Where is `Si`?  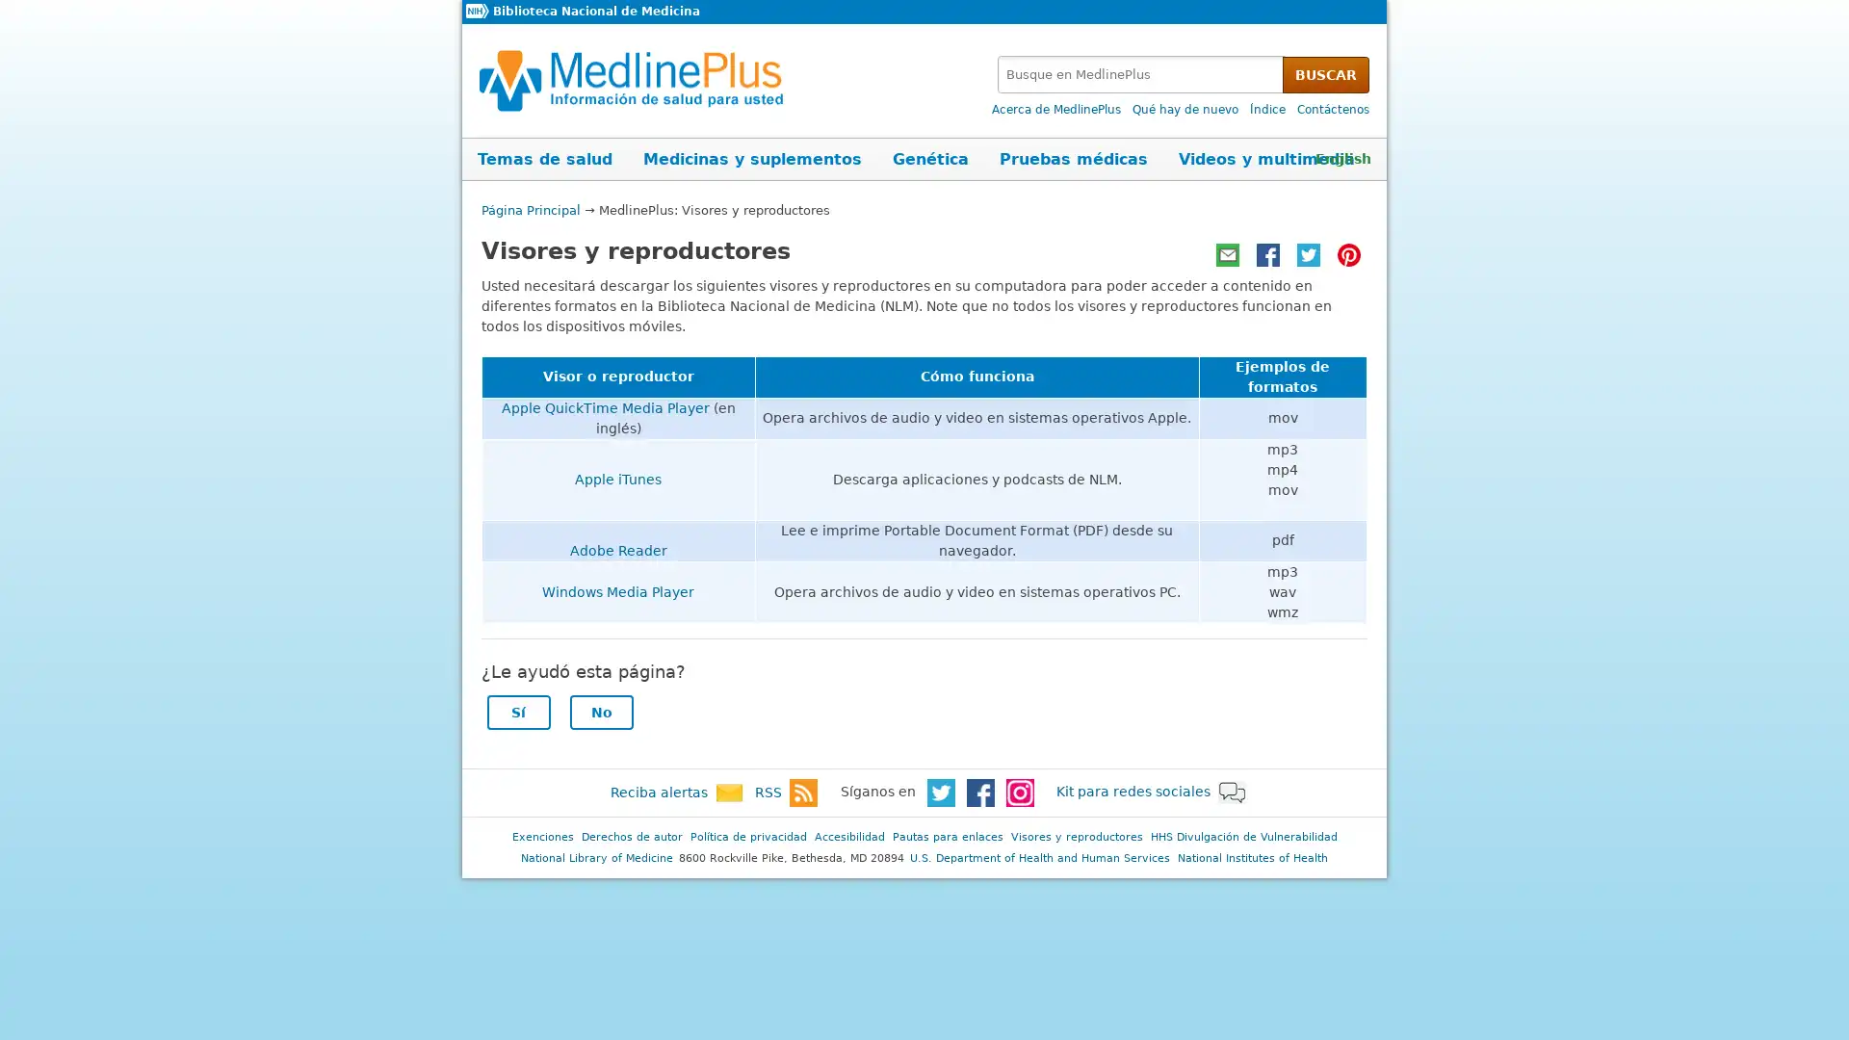
Si is located at coordinates (517, 712).